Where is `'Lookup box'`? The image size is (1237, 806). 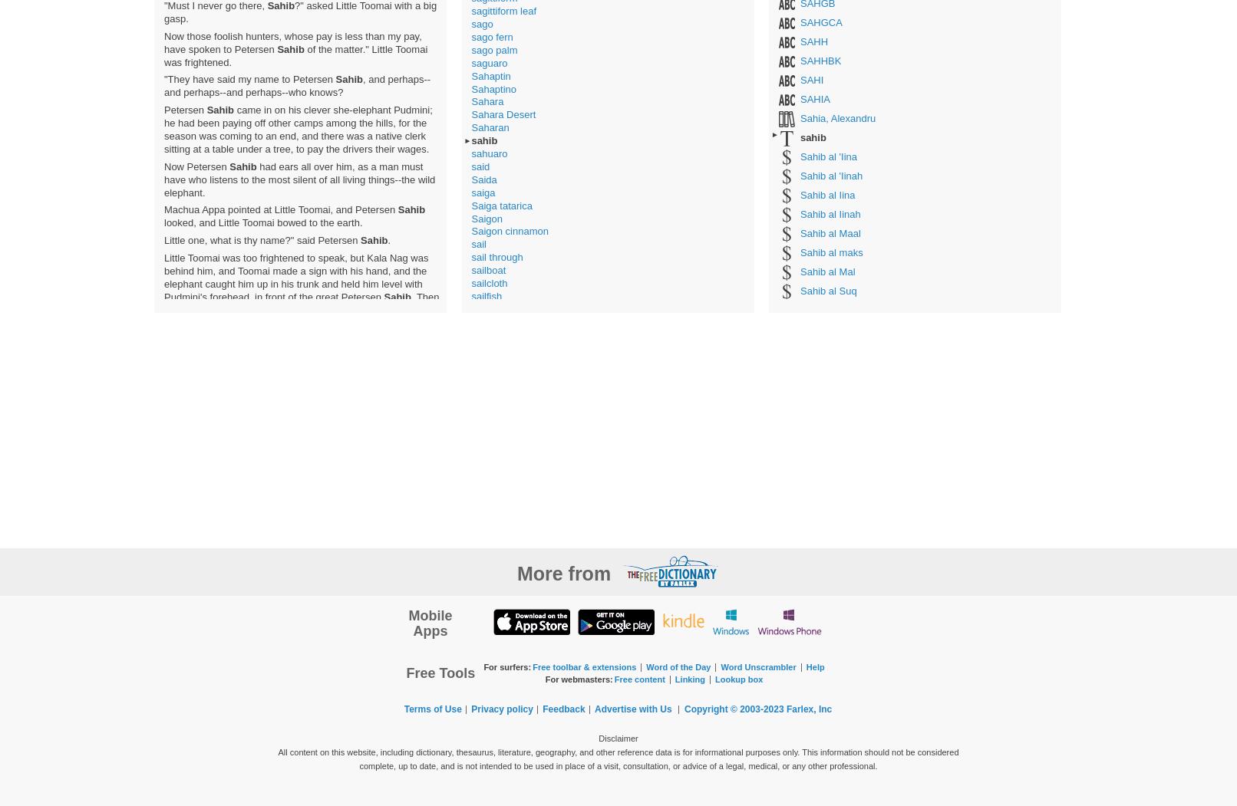 'Lookup box' is located at coordinates (739, 678).